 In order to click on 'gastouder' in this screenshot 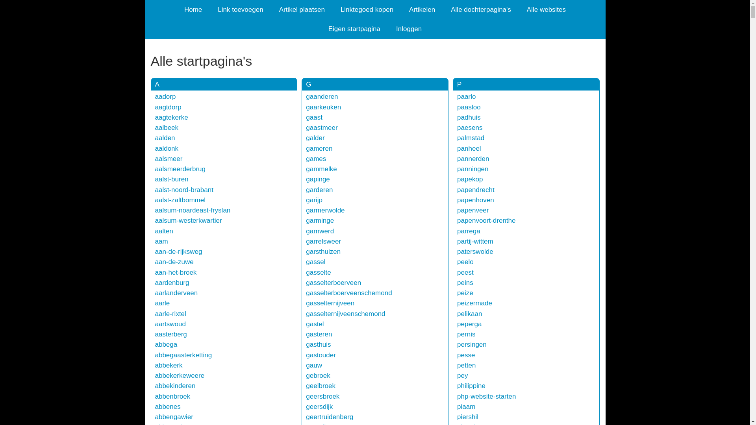, I will do `click(321, 355)`.